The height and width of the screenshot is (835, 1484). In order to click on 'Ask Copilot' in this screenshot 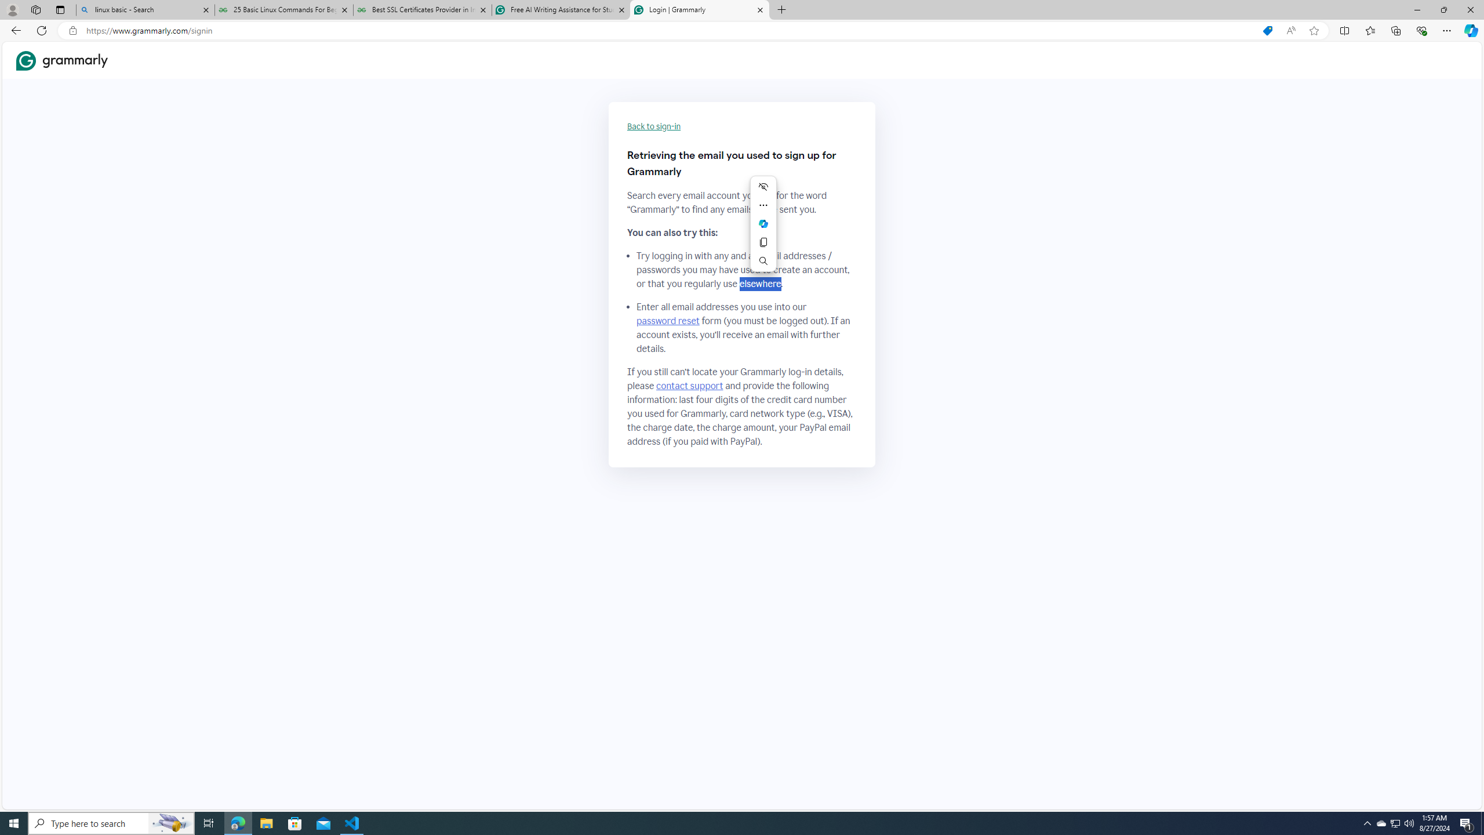, I will do `click(763, 223)`.